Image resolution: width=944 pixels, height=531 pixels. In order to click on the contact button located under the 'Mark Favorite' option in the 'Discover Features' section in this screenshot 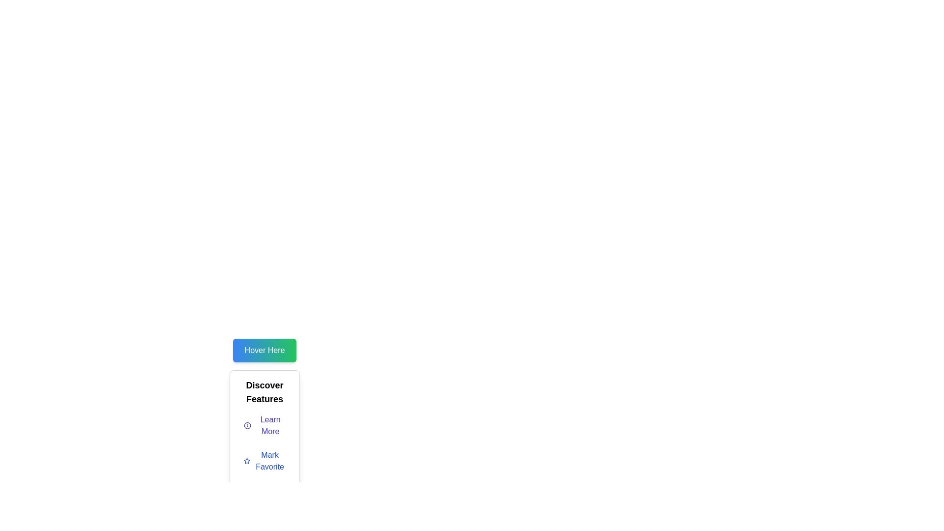, I will do `click(265, 497)`.